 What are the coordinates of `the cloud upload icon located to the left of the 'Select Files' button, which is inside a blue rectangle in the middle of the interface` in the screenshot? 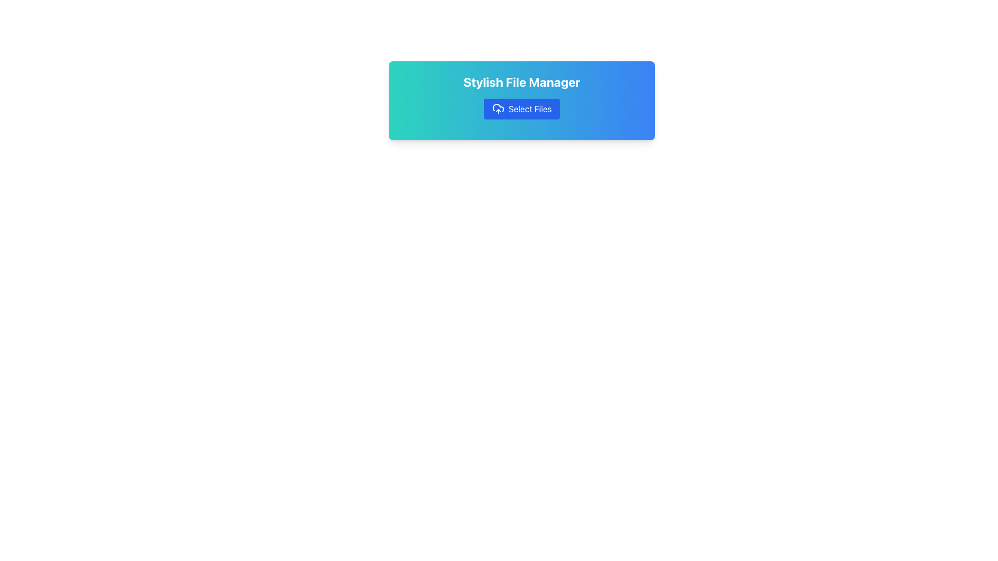 It's located at (497, 109).